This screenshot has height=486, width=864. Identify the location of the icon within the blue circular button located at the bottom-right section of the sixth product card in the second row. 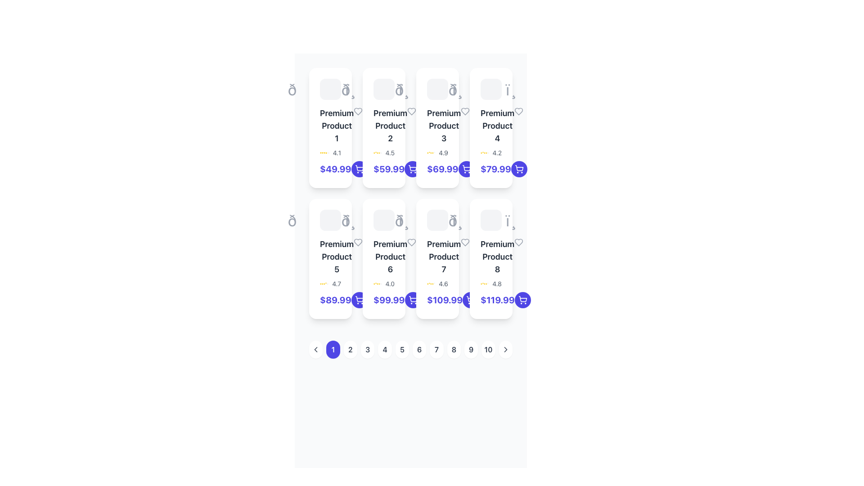
(412, 300).